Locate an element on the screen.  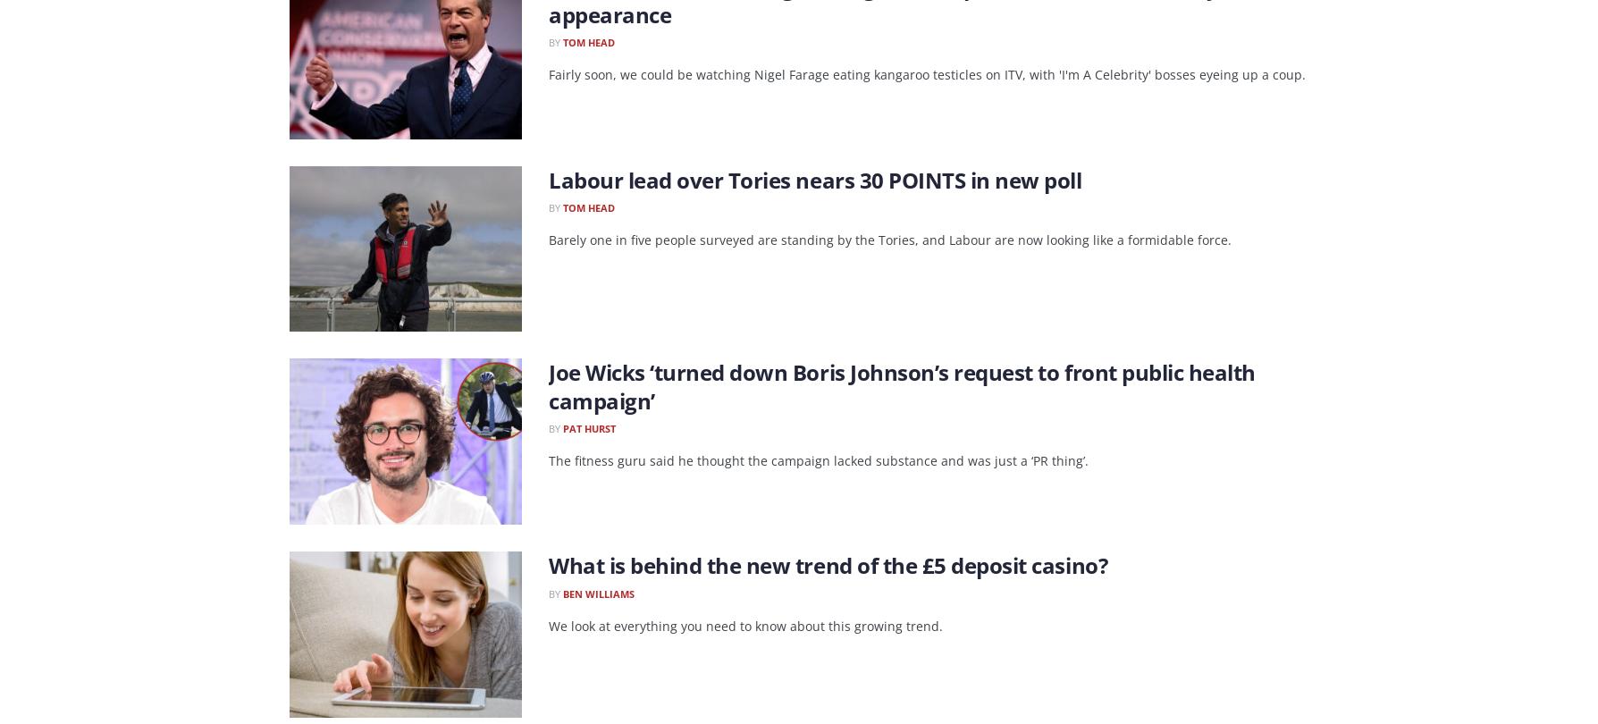
'We look at everything you need to know about this growing trend.' is located at coordinates (548, 624).